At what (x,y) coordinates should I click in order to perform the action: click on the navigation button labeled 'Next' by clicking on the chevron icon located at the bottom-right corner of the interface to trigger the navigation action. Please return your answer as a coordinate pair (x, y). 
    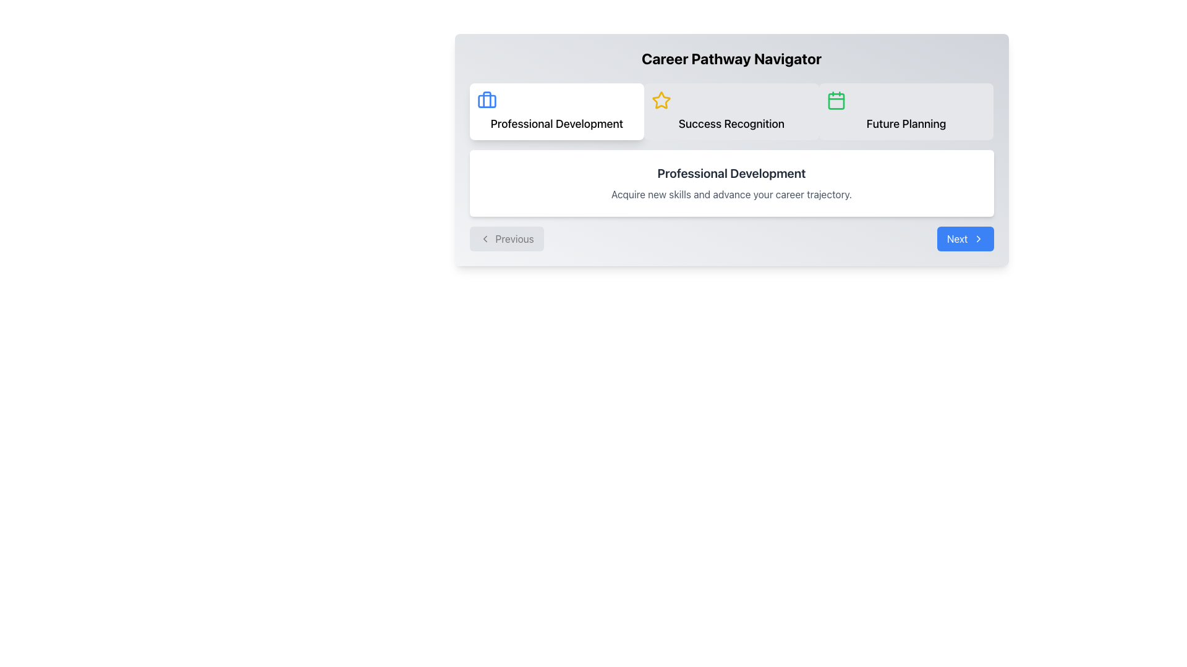
    Looking at the image, I should click on (977, 238).